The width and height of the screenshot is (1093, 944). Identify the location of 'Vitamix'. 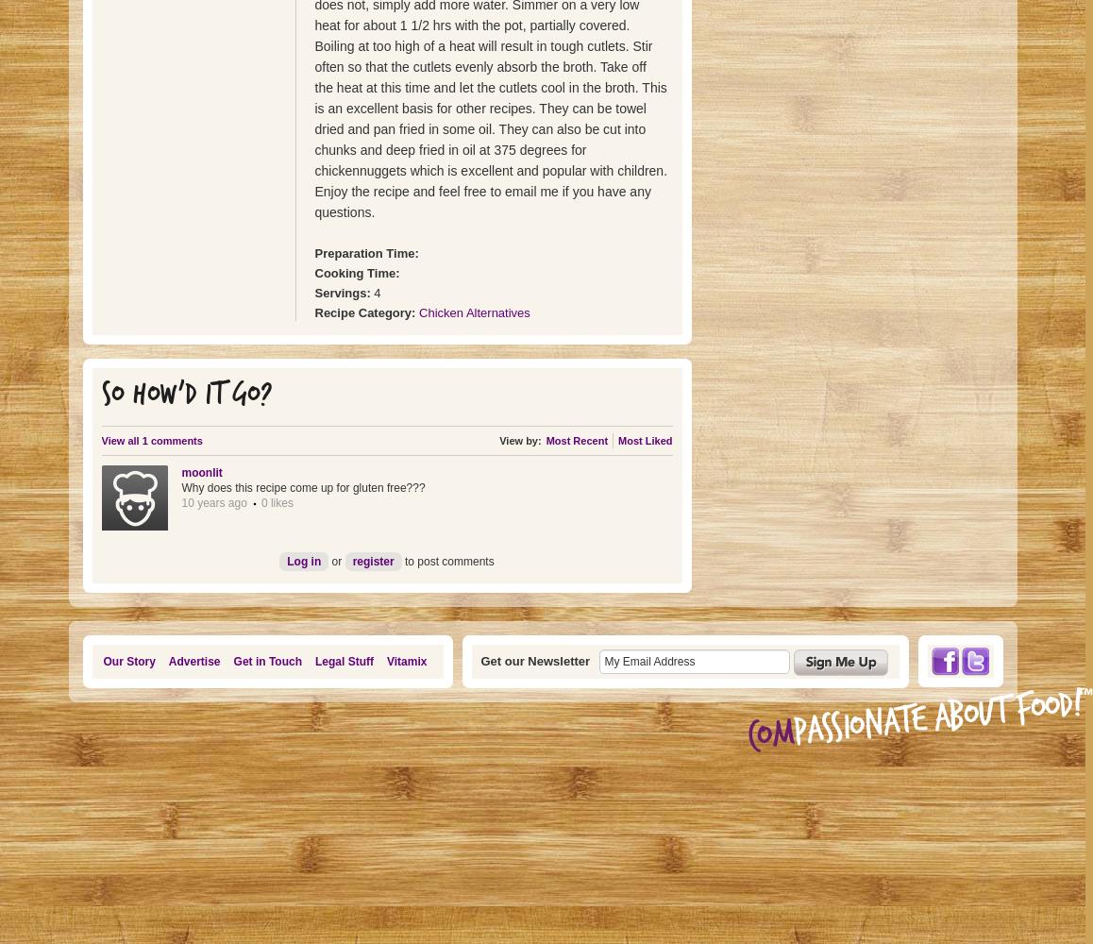
(407, 661).